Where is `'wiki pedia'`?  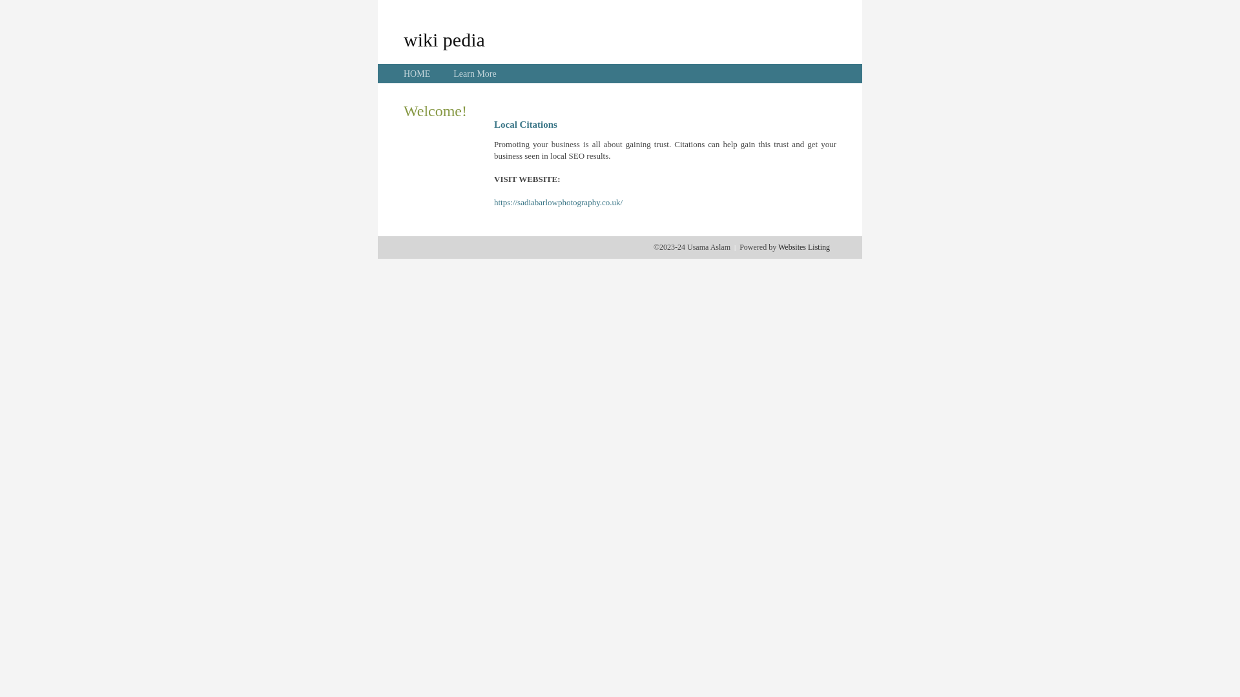 'wiki pedia' is located at coordinates (444, 39).